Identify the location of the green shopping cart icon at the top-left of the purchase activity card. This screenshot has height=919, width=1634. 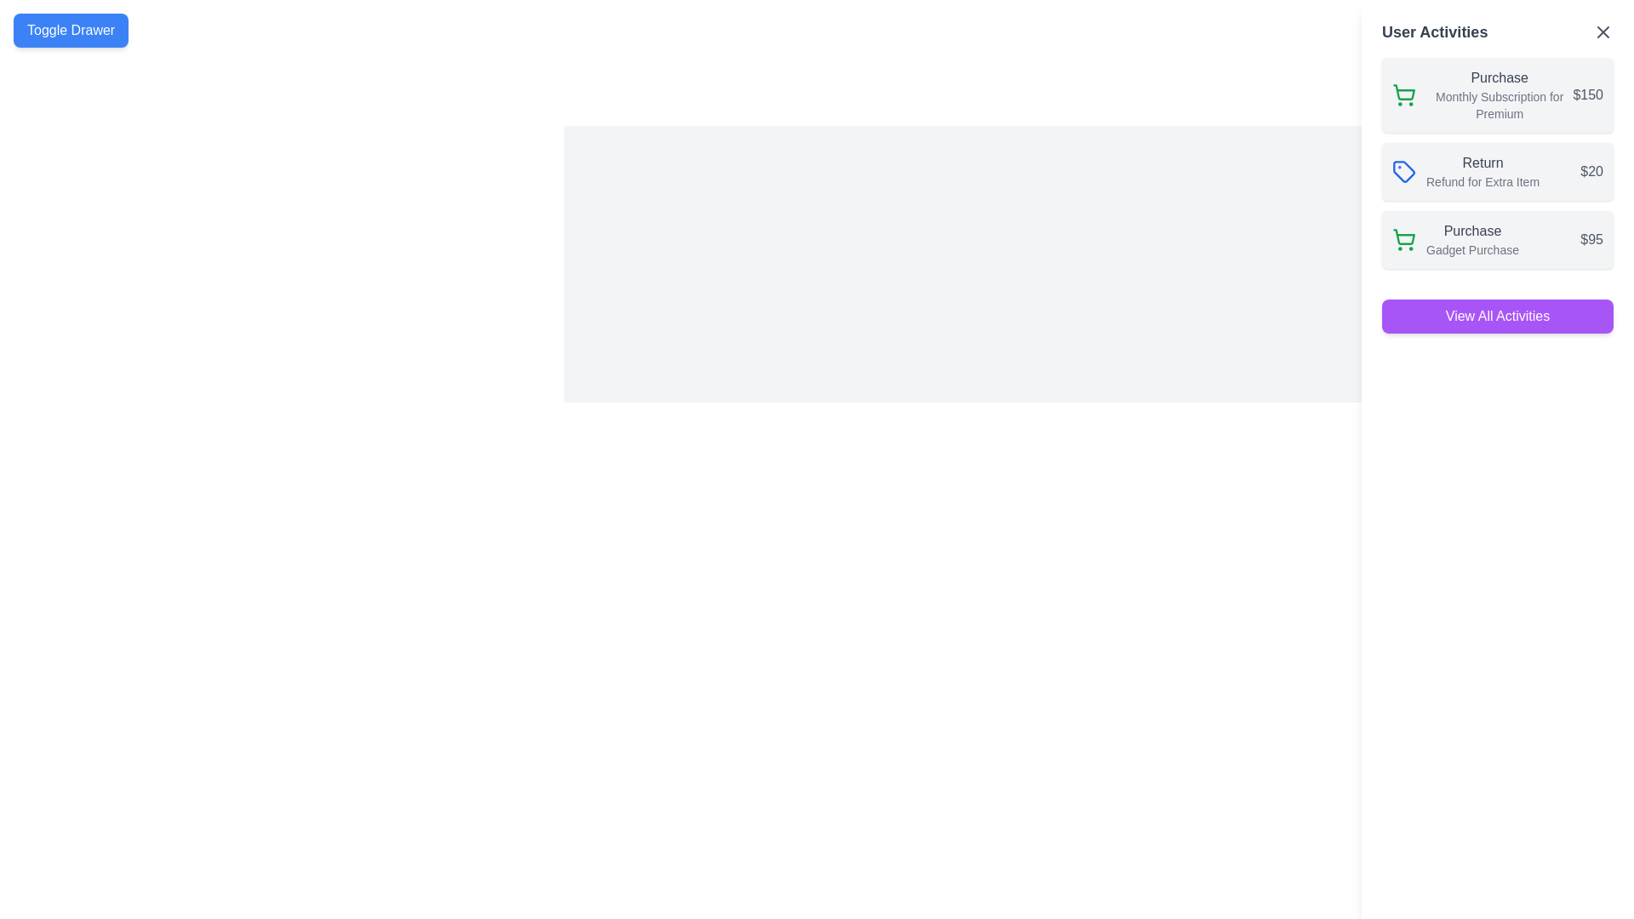
(1404, 94).